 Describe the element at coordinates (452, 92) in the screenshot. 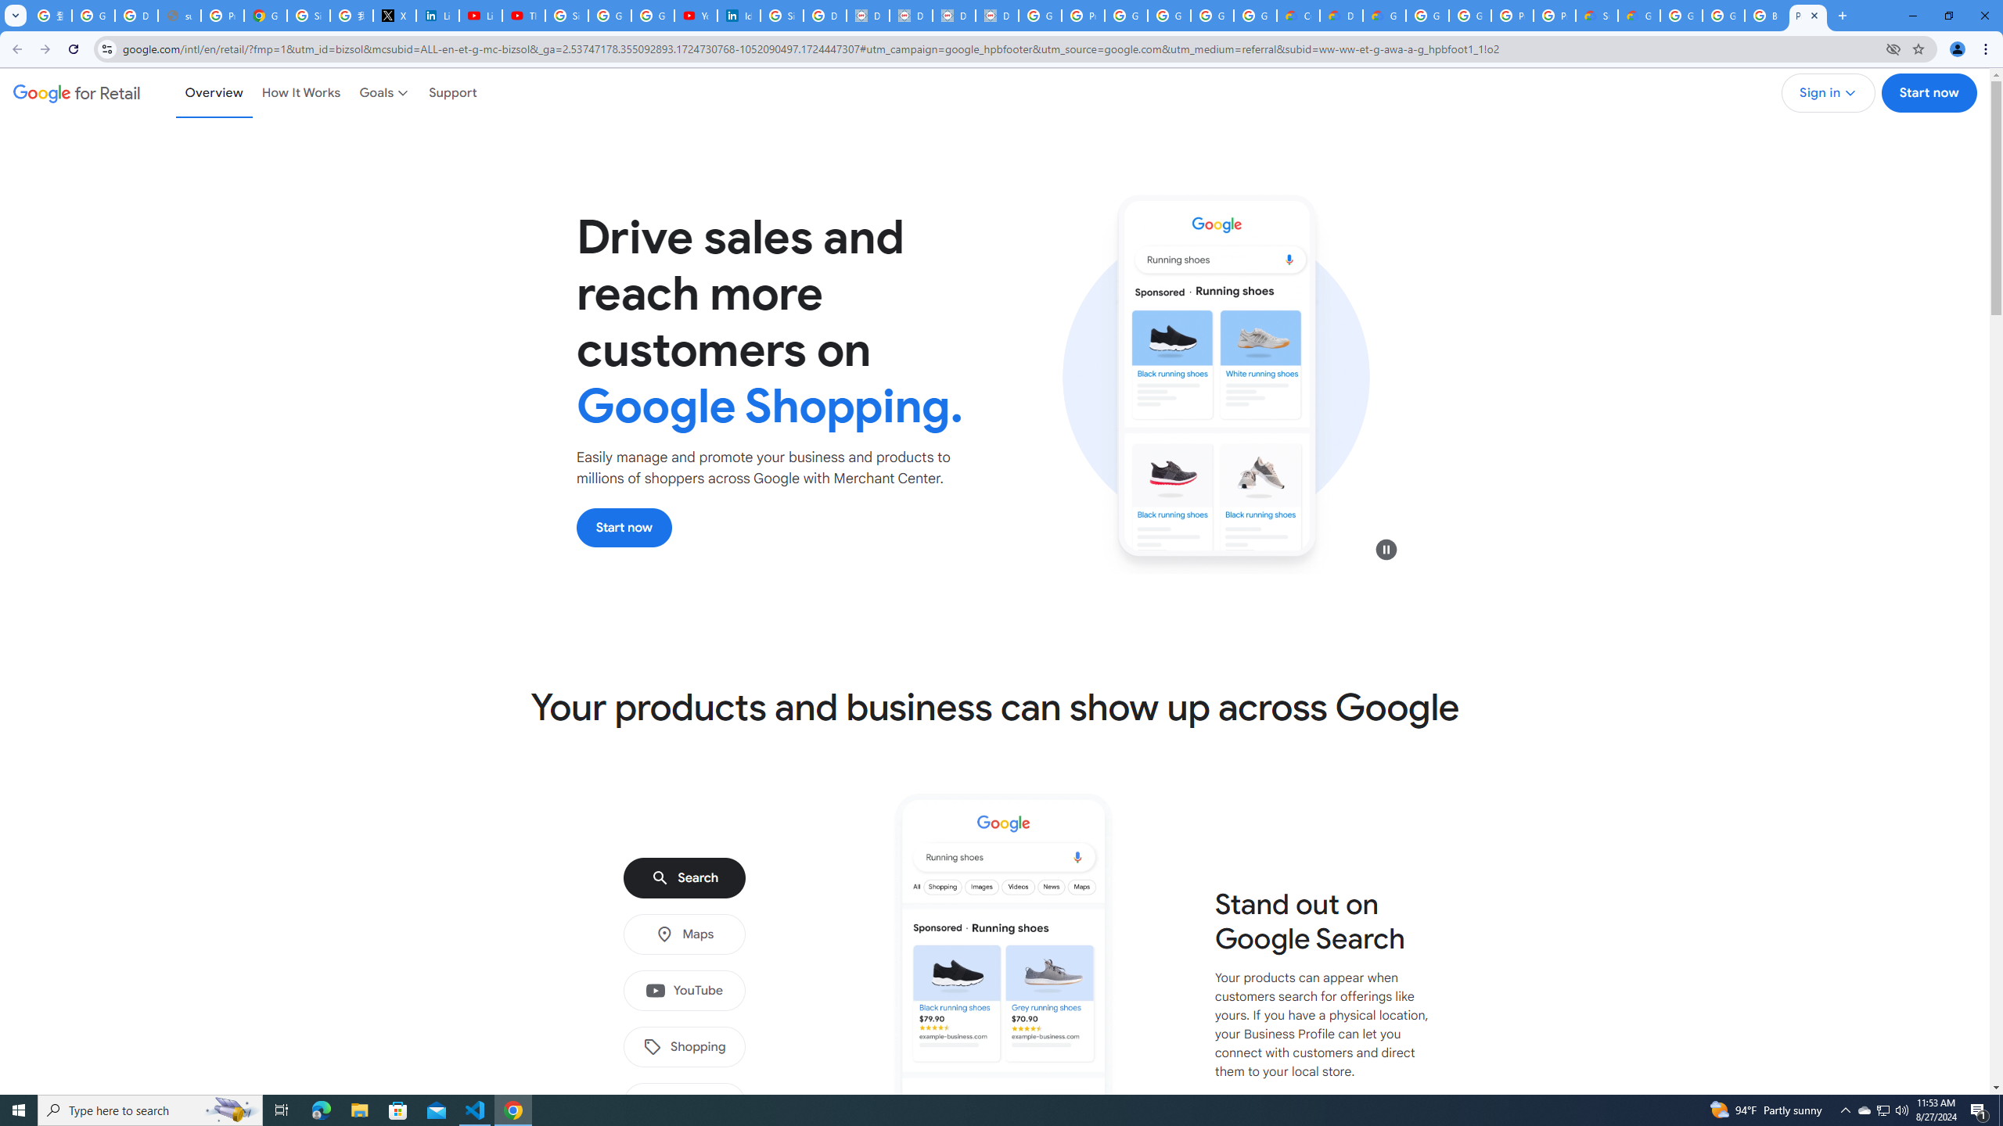

I see `'Support'` at that location.